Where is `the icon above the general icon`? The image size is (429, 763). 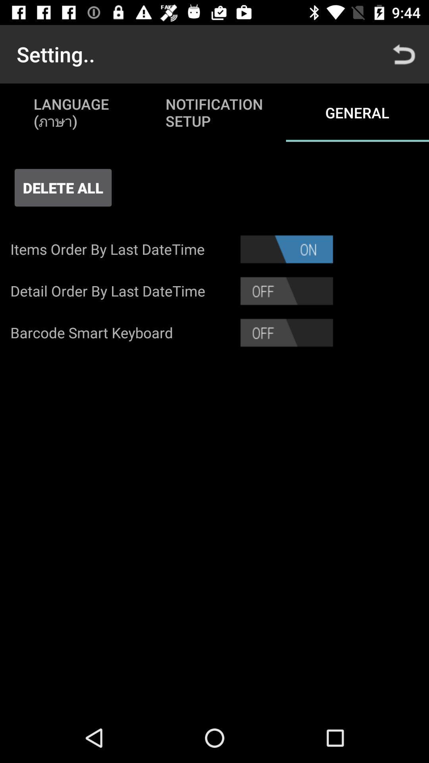 the icon above the general icon is located at coordinates (404, 54).